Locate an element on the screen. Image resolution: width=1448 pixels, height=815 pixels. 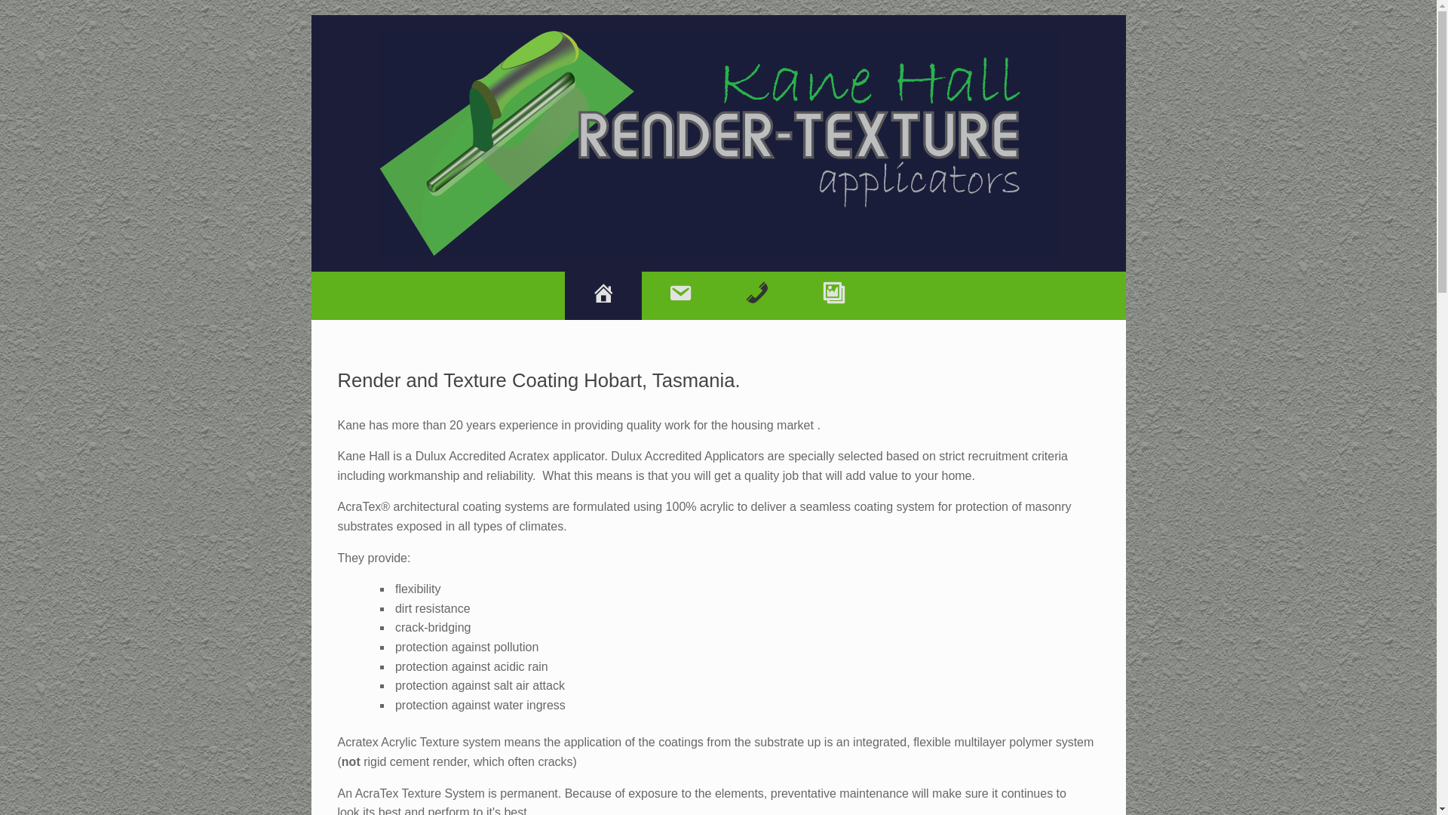
'Home' is located at coordinates (601, 296).